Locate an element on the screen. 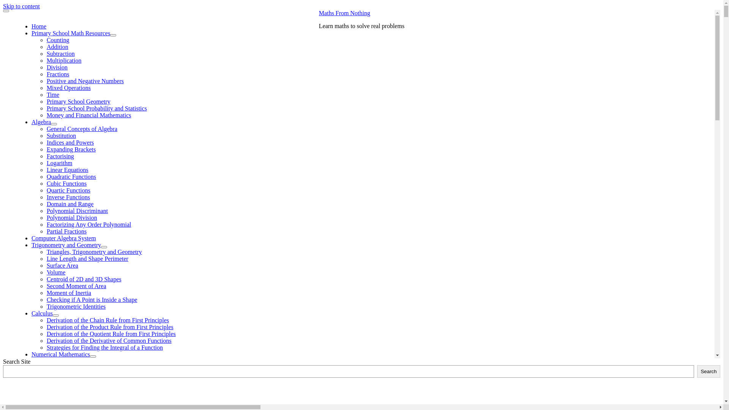 The width and height of the screenshot is (729, 410). 'Search' is located at coordinates (708, 371).